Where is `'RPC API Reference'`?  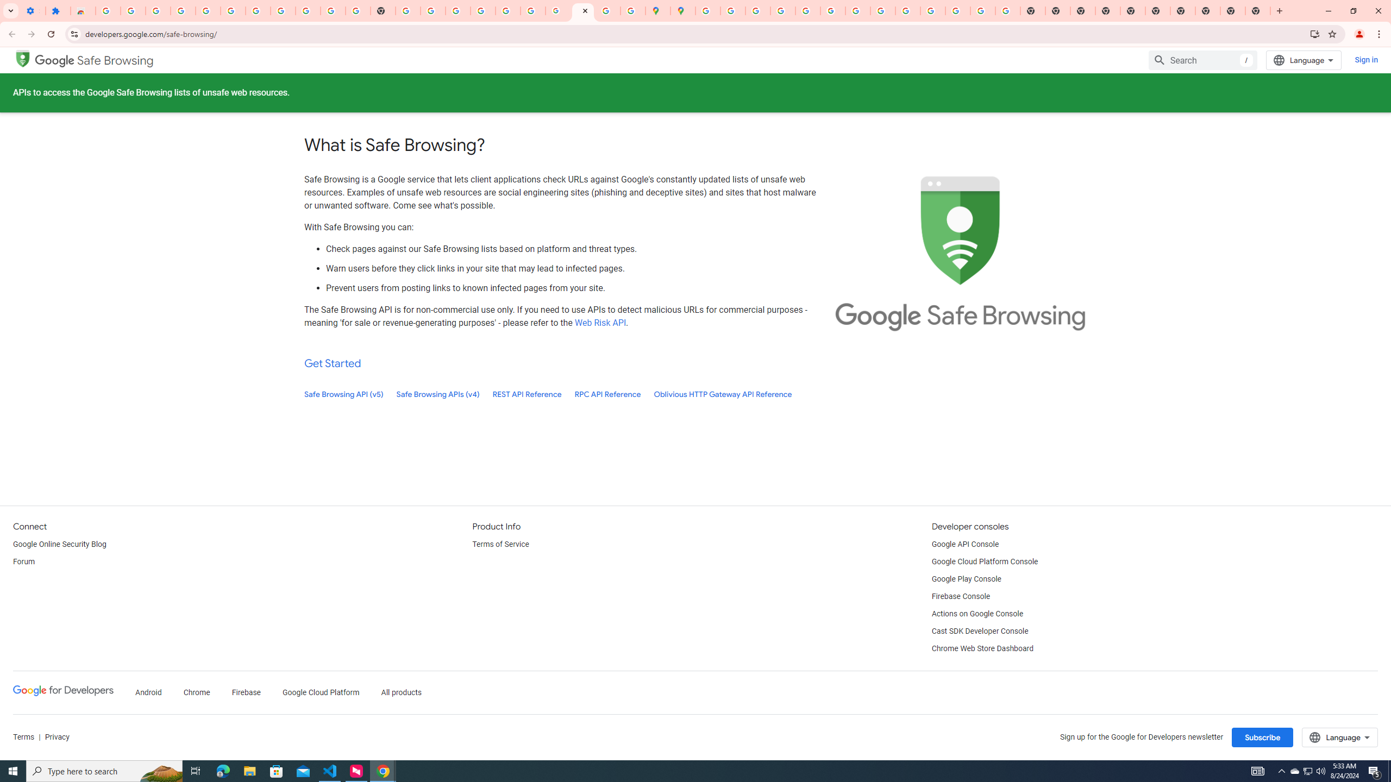 'RPC API Reference' is located at coordinates (607, 394).